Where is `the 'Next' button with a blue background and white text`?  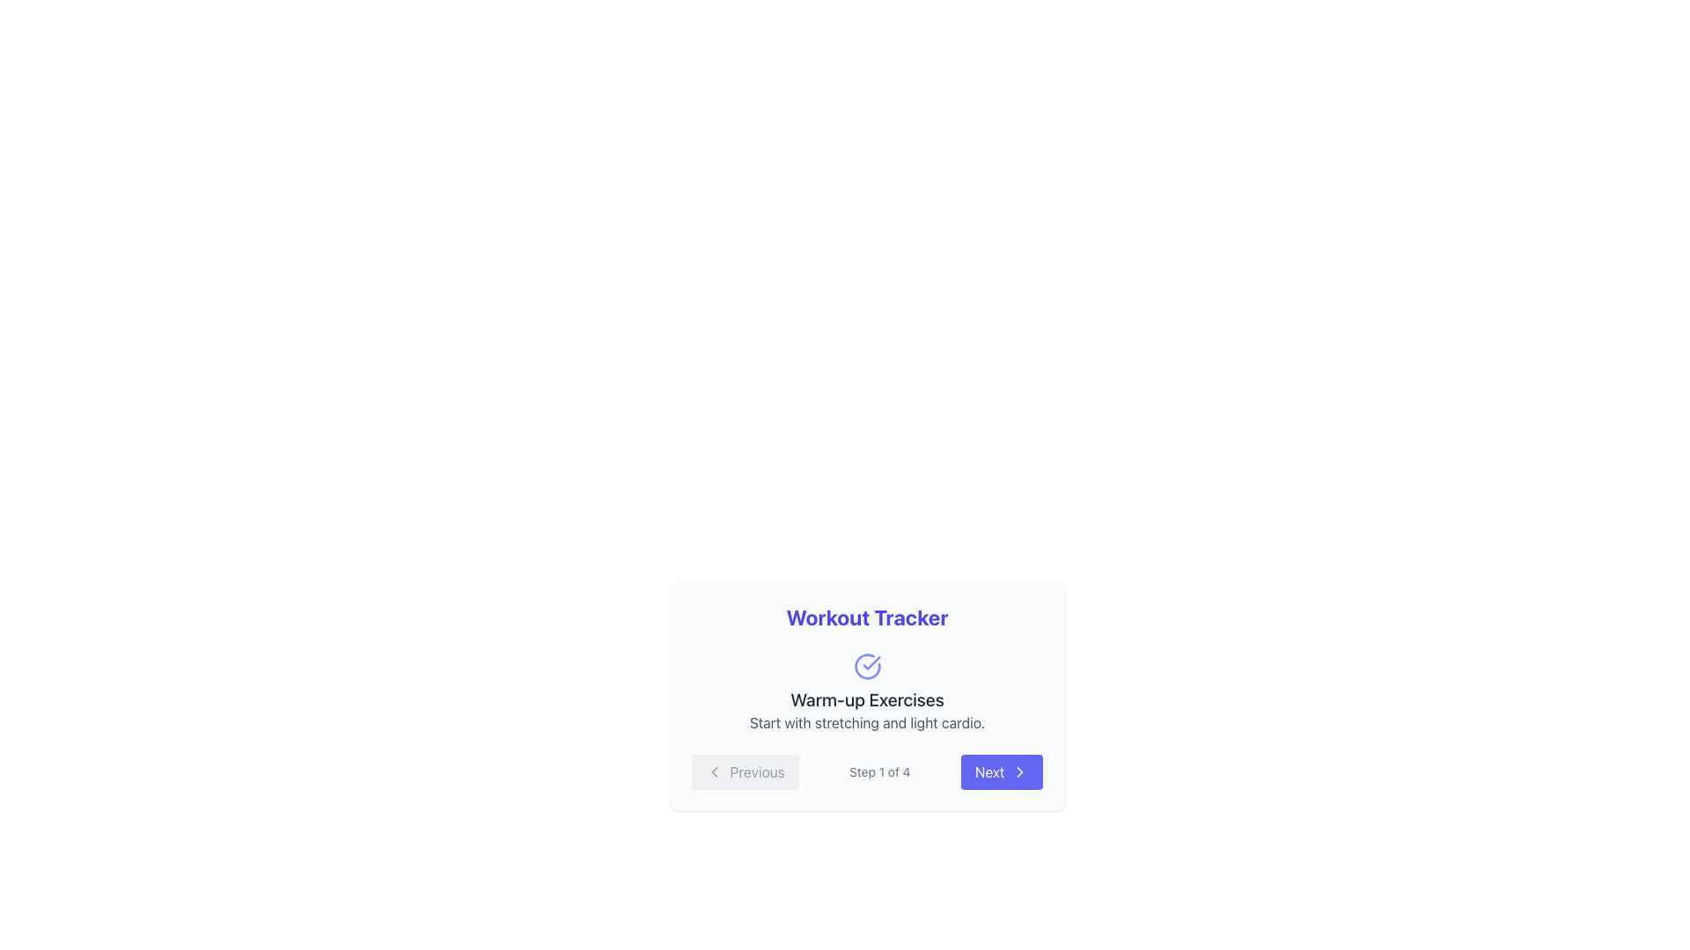
the 'Next' button with a blue background and white text is located at coordinates (1002, 771).